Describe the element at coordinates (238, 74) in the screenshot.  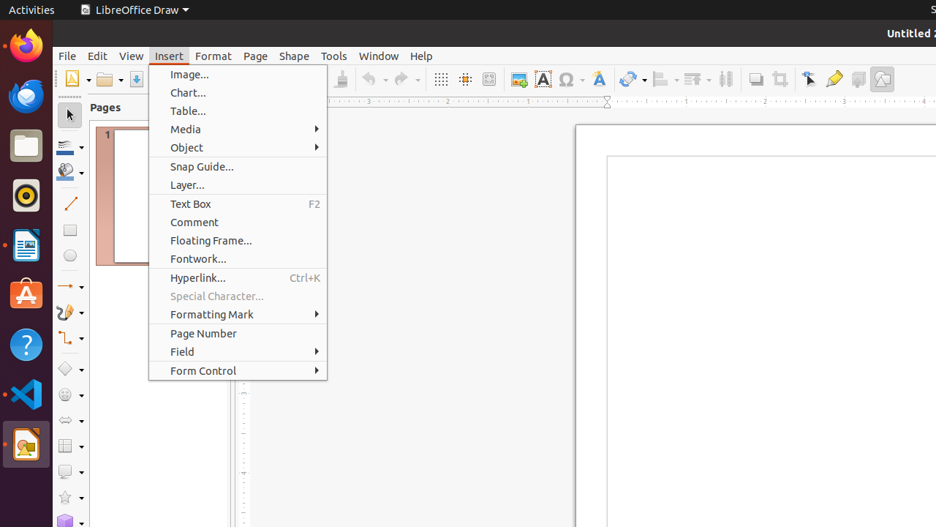
I see `'Image...'` at that location.